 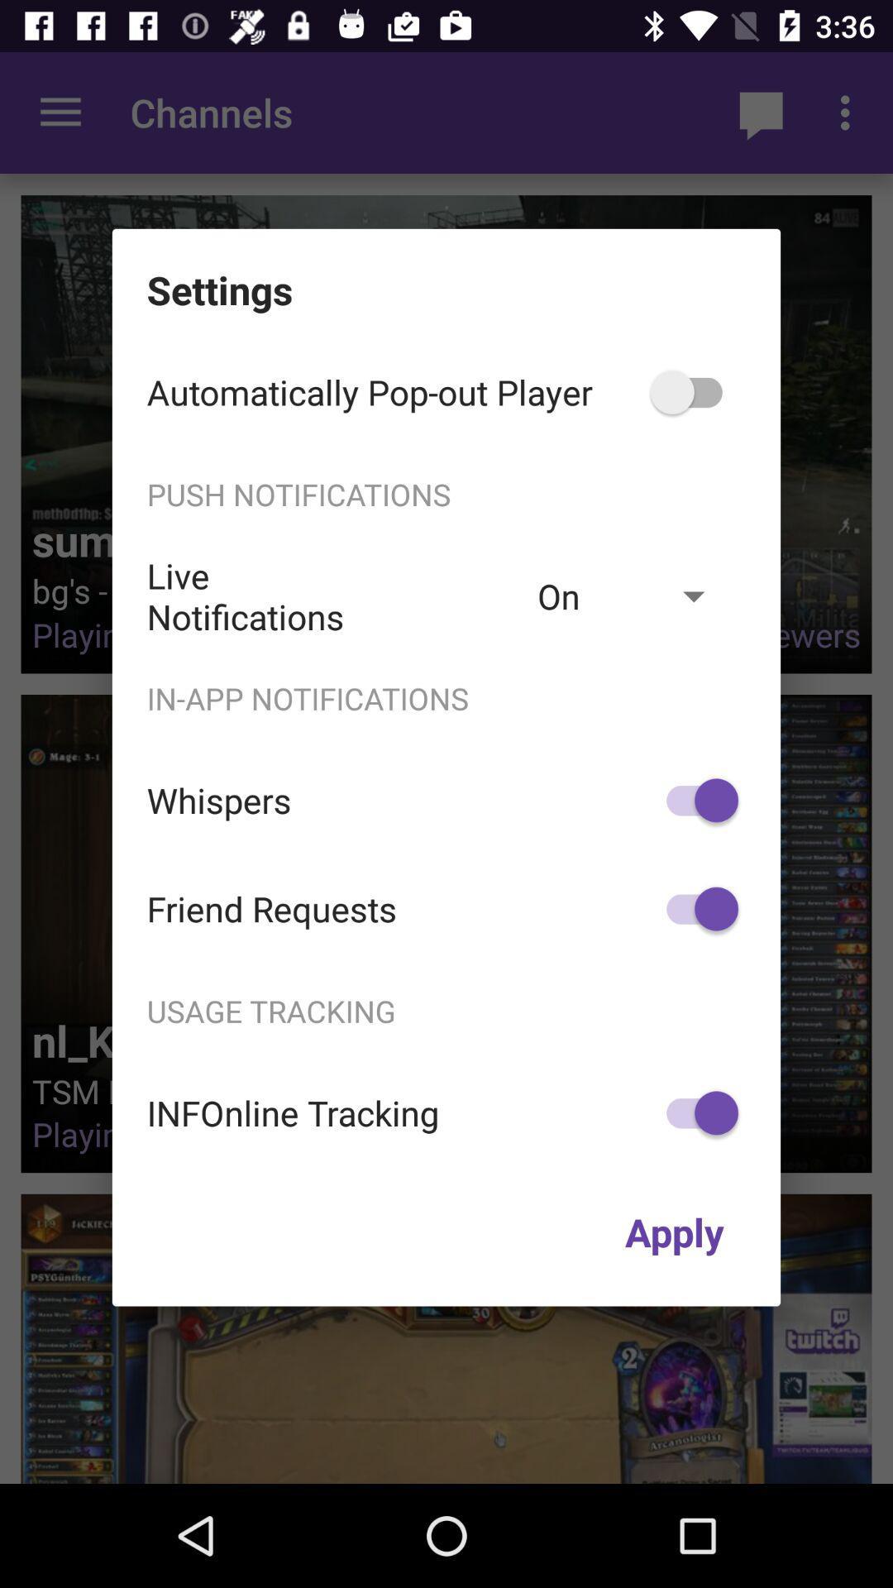 What do you see at coordinates (695, 908) in the screenshot?
I see `icon to the right of friend requests item` at bounding box center [695, 908].